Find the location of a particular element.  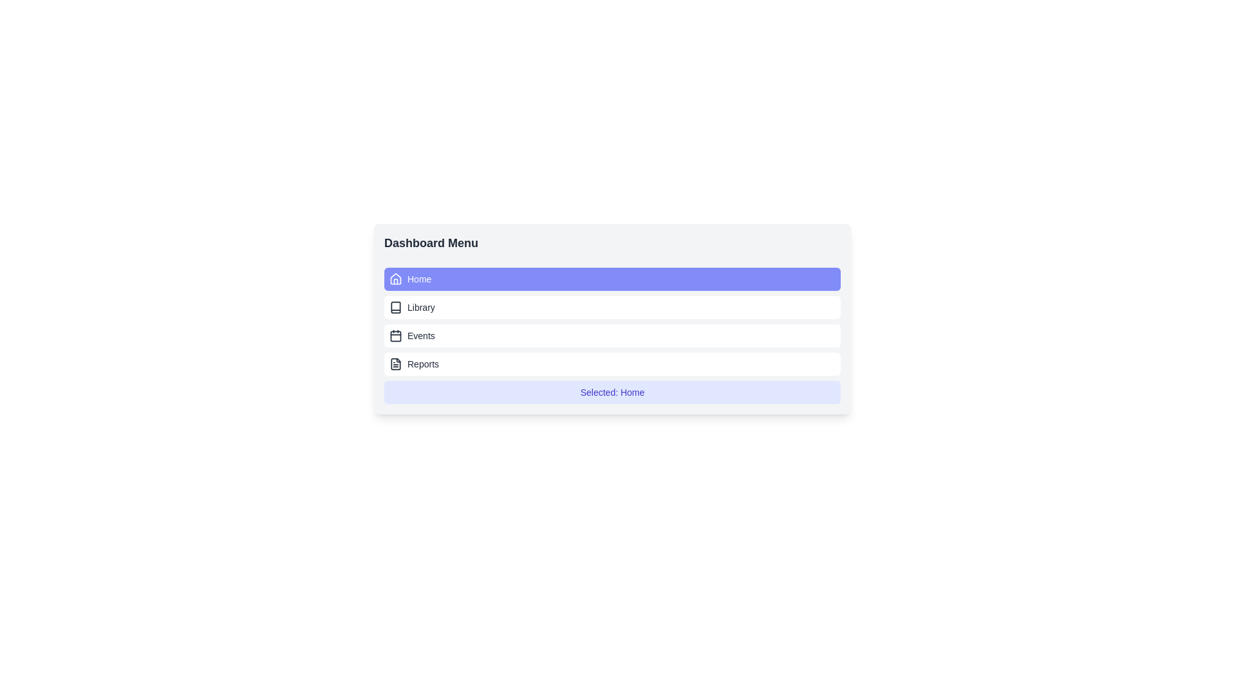

the menu button labeled Library is located at coordinates (612, 308).